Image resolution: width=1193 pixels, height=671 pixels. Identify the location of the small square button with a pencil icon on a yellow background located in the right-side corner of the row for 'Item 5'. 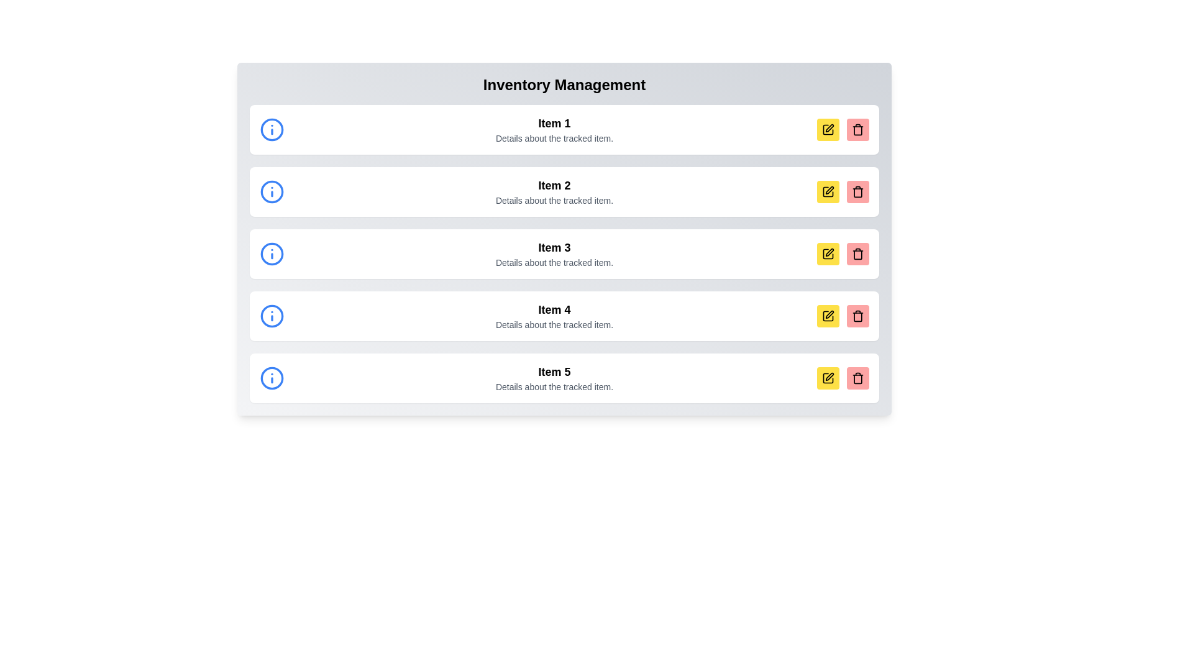
(828, 378).